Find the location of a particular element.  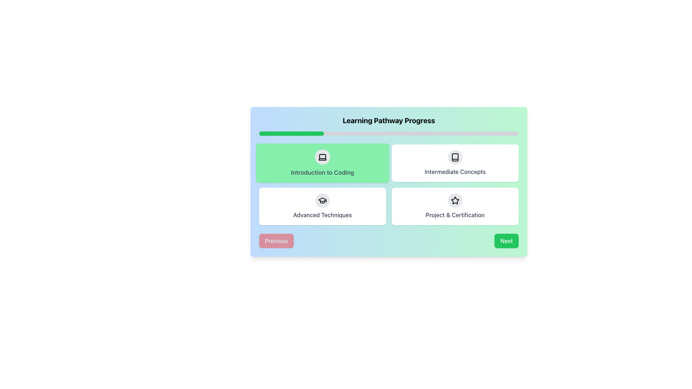

the star-shaped icon that symbolizes progress for the 'Project & Certification' stage, located in the bottom-right quadrant of the interface is located at coordinates (454, 200).